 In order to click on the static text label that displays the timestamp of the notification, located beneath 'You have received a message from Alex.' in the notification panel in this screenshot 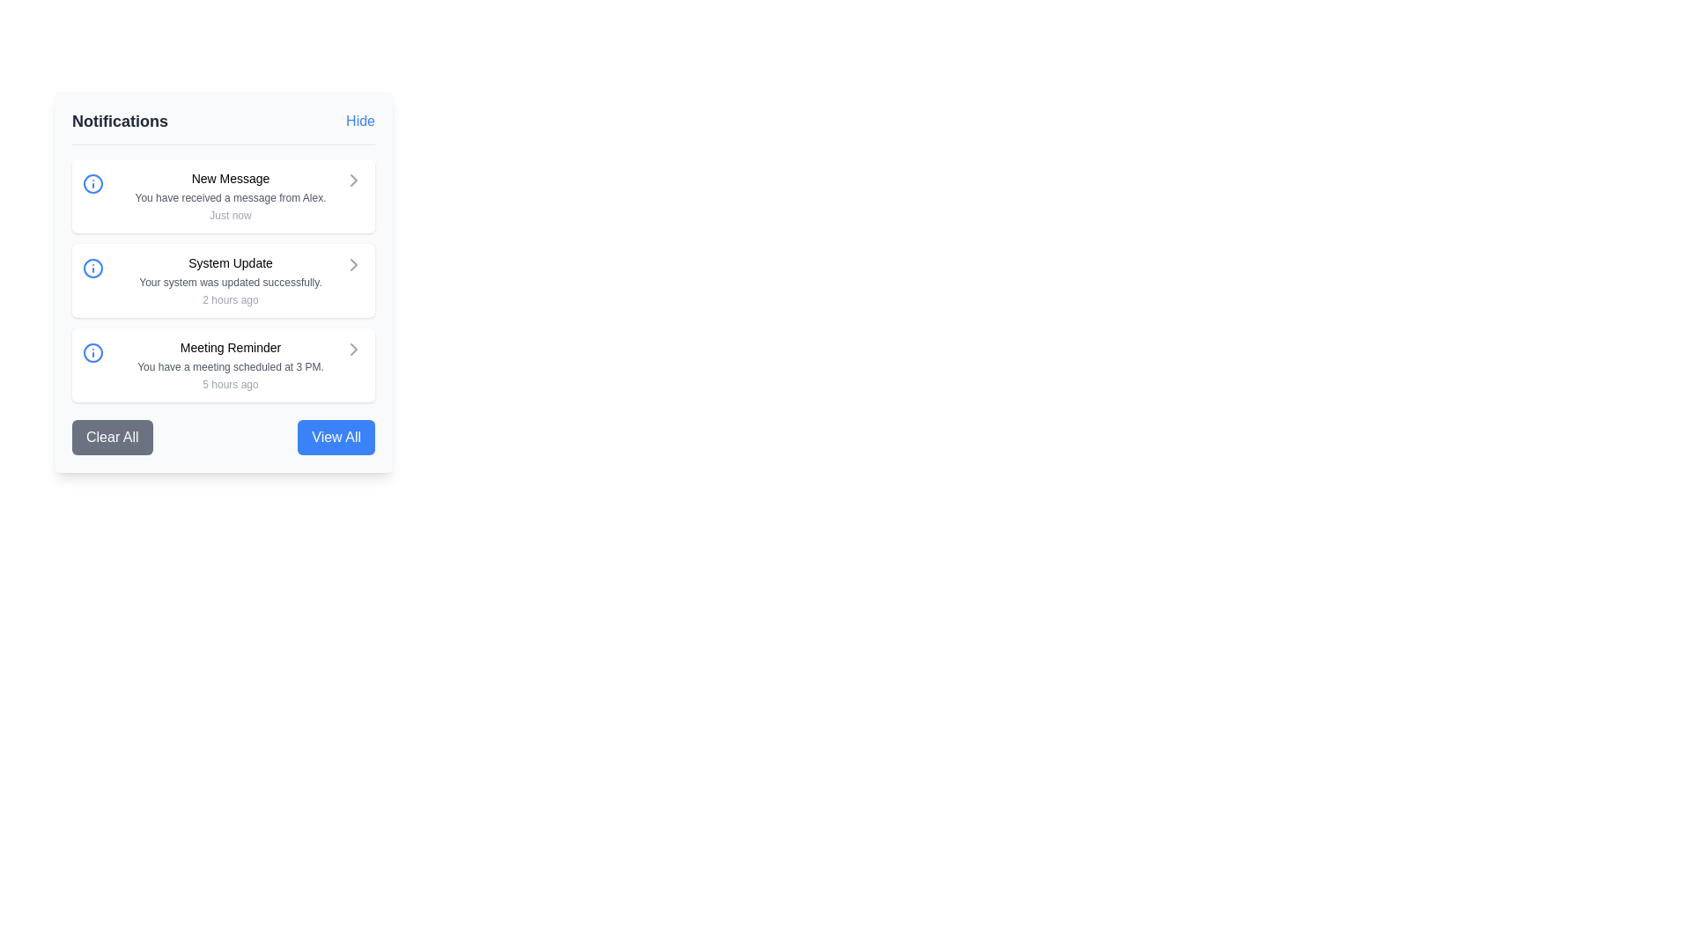, I will do `click(230, 215)`.